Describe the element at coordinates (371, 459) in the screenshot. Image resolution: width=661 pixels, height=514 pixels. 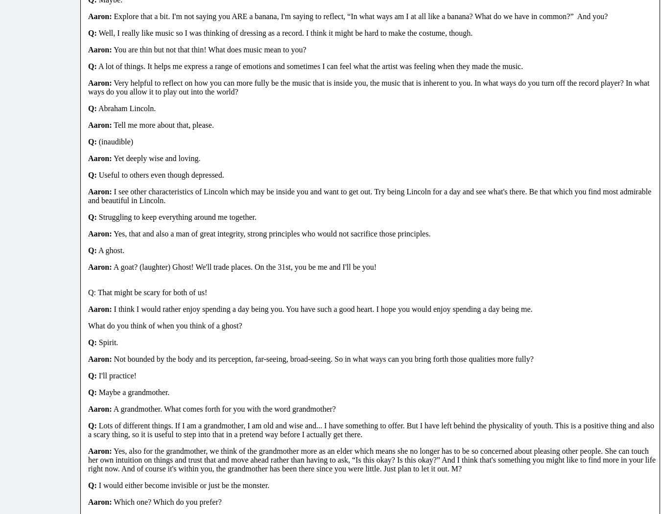
I see `'Yes, also for the grandmother, we think of the grandmother more as an elder which means she no longer has to be so concerned about pleasing other people. She can touch her own intuition on things and trust that and move ahead rather than having to ask, “Is this okay? Is this okay?” And I think that's something you might like to find more in your life right now. And of course it's within you, the grandmother has been there since you were little. Just plan to let it out. M?'` at that location.